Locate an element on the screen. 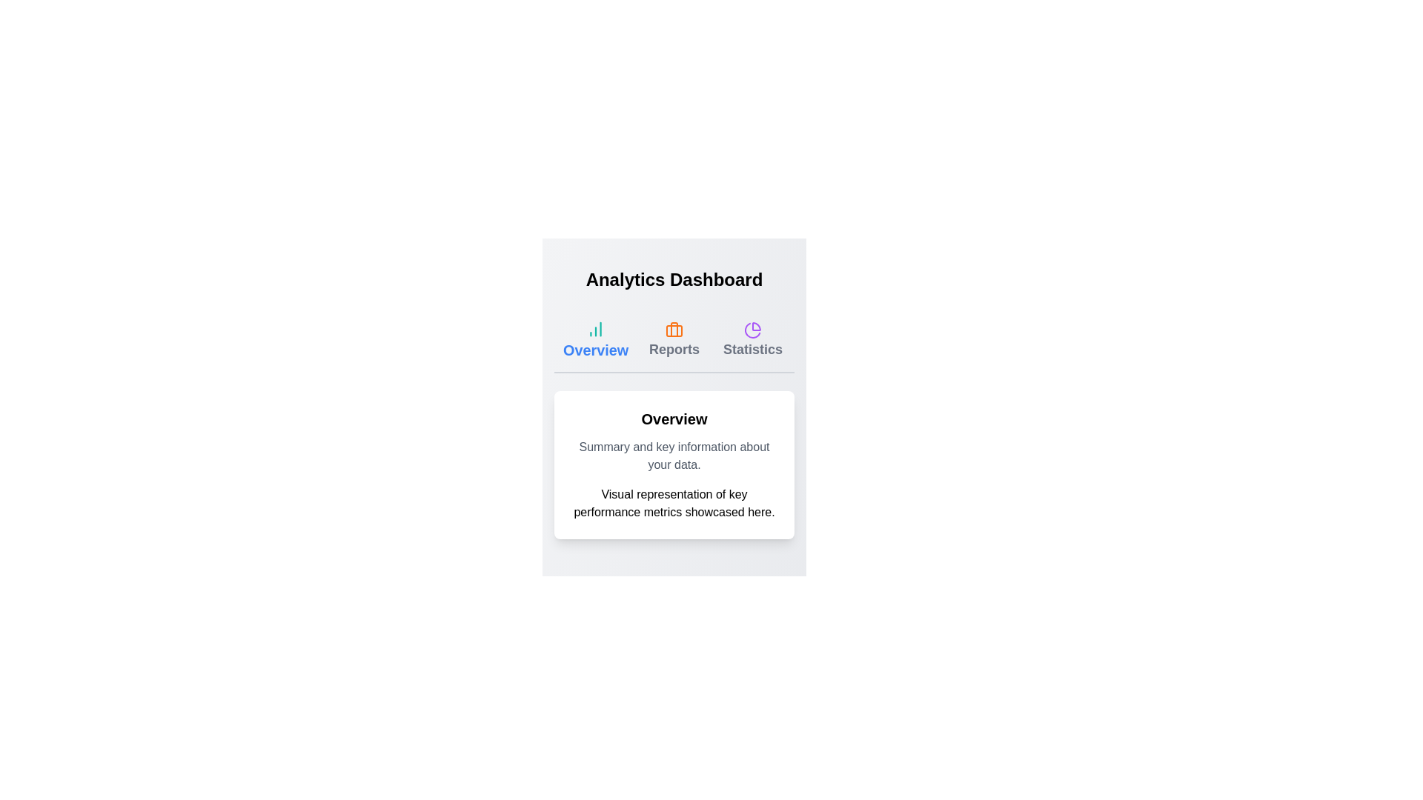 The width and height of the screenshot is (1423, 800). the Reports tab is located at coordinates (674, 340).